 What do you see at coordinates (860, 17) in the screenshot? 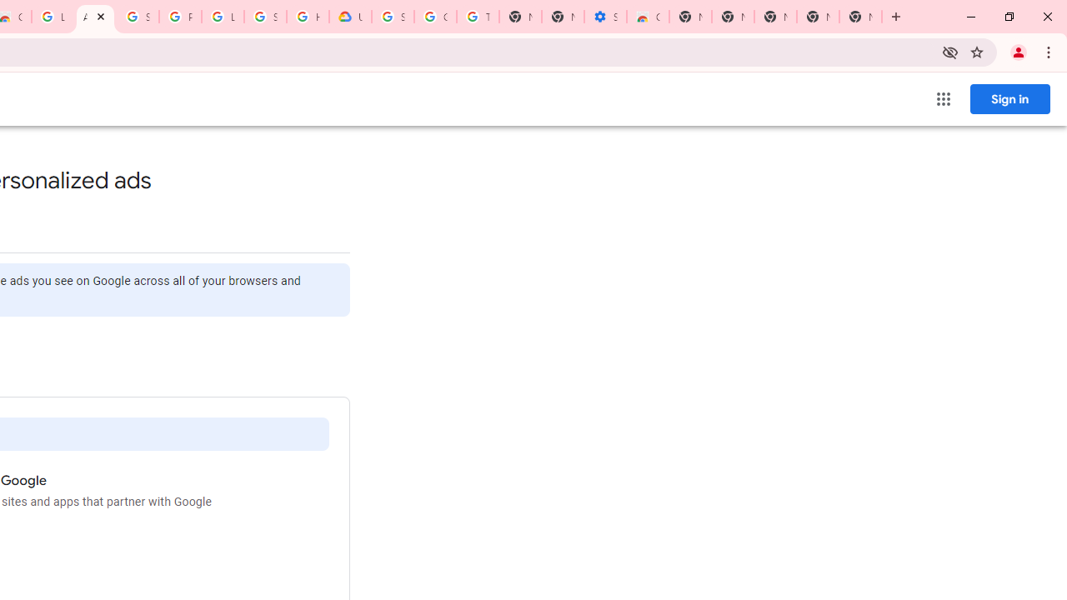
I see `'New Tab'` at bounding box center [860, 17].